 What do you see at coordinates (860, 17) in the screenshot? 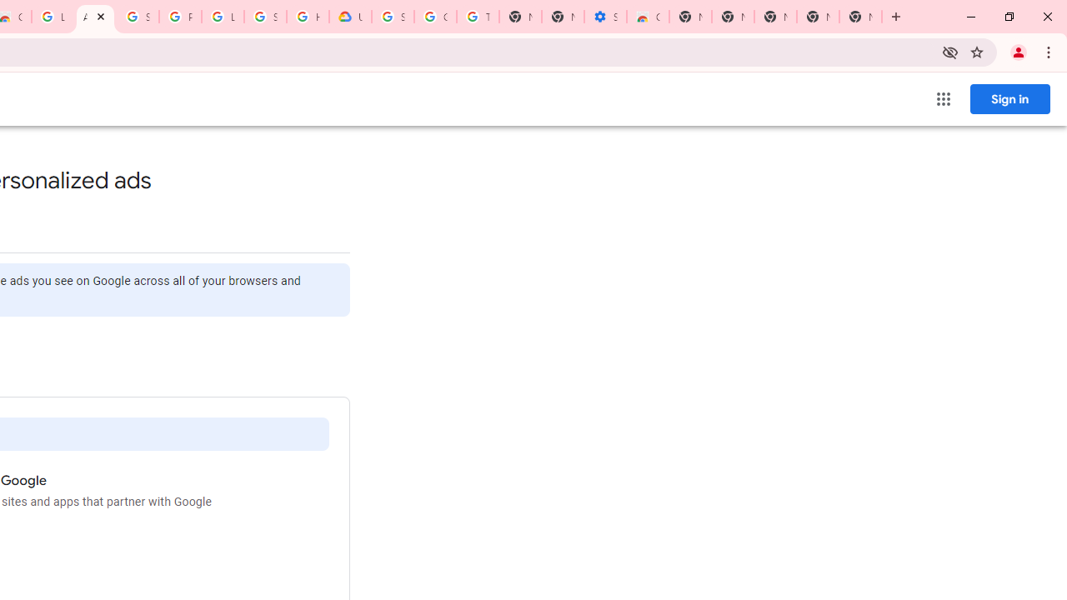
I see `'New Tab'` at bounding box center [860, 17].